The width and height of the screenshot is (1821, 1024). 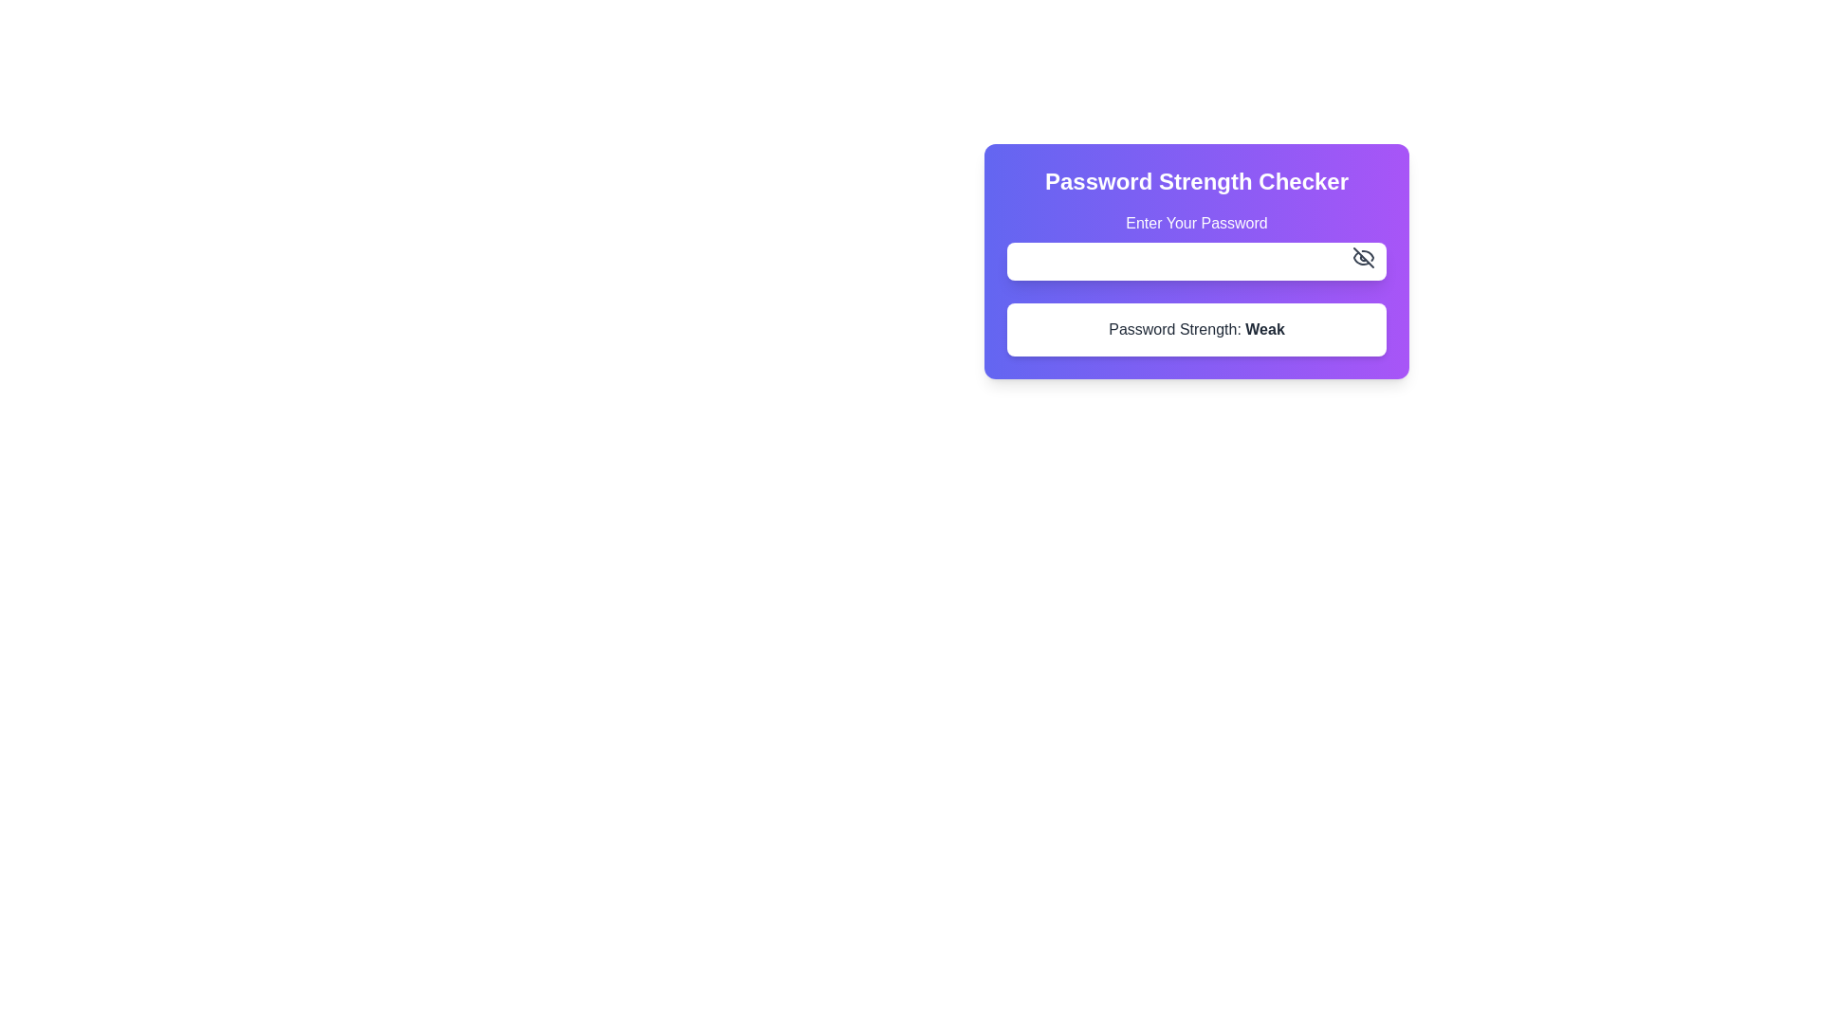 What do you see at coordinates (1265, 328) in the screenshot?
I see `the static text label element displaying 'Weak', which is styled in bold and located at the lower part of a rectangular card` at bounding box center [1265, 328].